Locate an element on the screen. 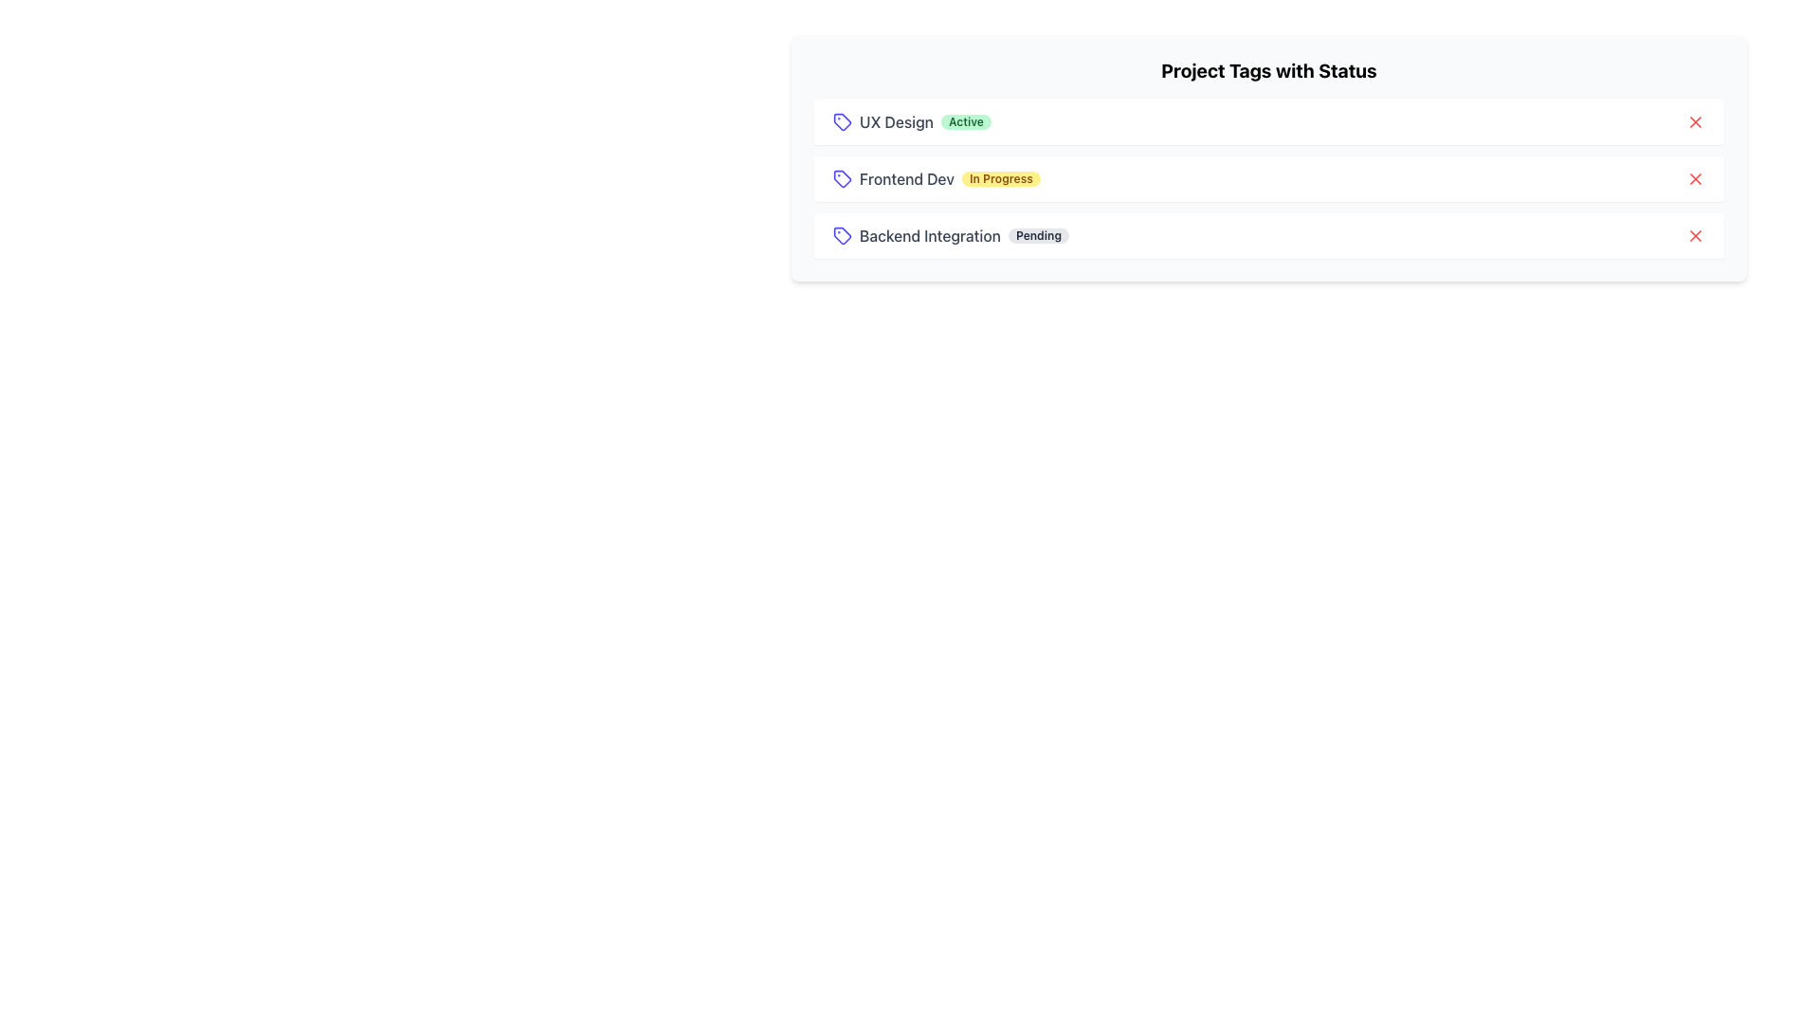 The image size is (1820, 1024). the 'Backend Integration' status item with a 'Pending' tag to modify or view it is located at coordinates (1269, 235).